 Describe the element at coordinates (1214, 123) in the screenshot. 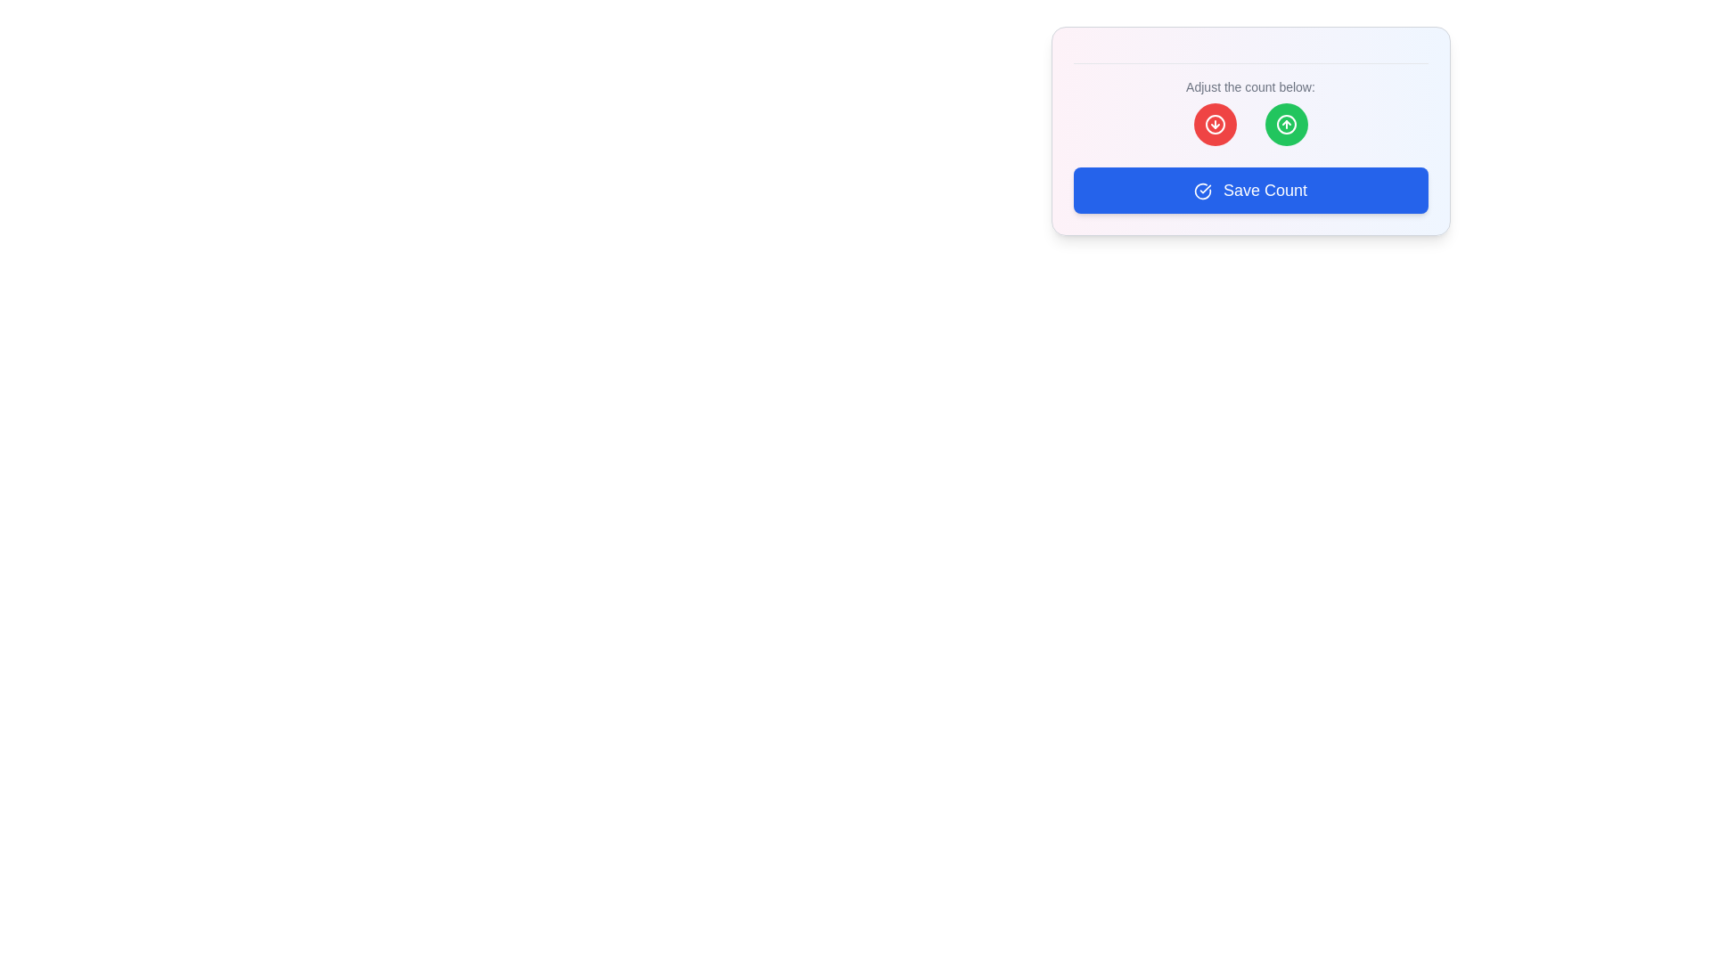

I see `the red circular button with a downward pointing arrow icon, located to the left of the green upward pointing arrow button` at that location.